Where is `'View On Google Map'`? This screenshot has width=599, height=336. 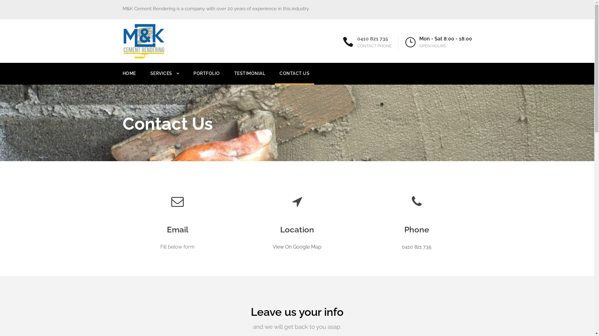
'View On Google Map' is located at coordinates (296, 246).